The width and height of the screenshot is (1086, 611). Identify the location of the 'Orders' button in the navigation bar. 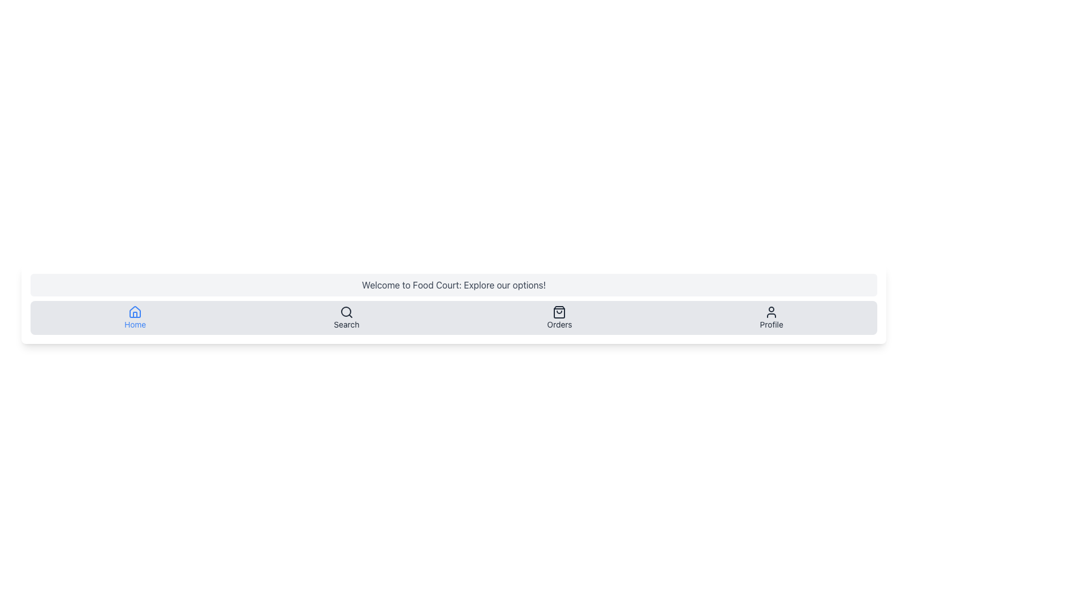
(559, 318).